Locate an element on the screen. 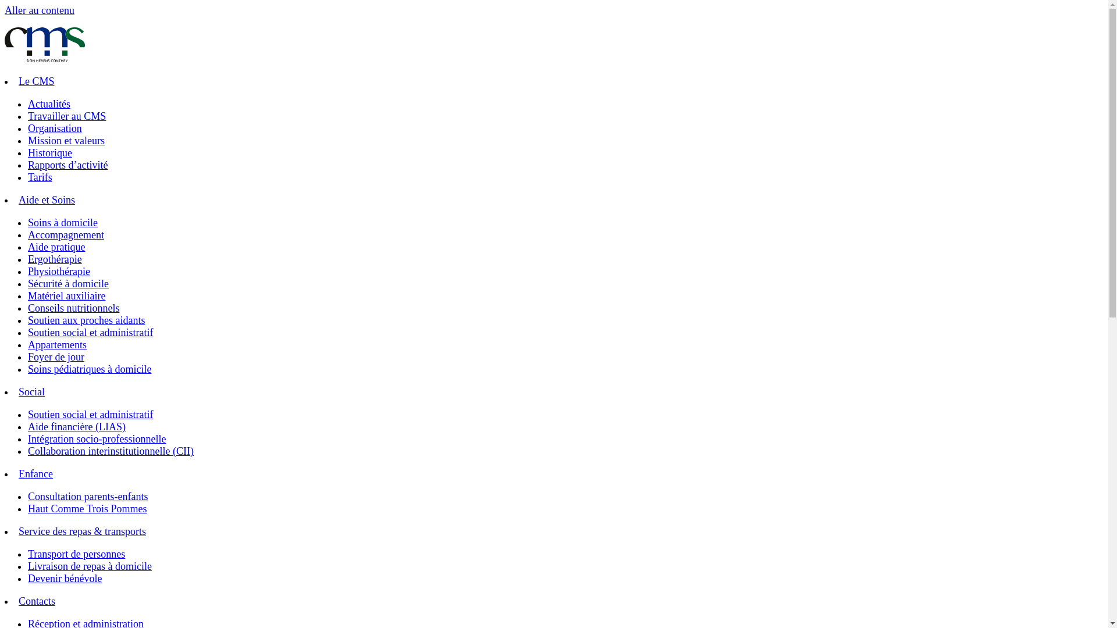 The height and width of the screenshot is (628, 1117). 'Foyer de jour' is located at coordinates (28, 356).